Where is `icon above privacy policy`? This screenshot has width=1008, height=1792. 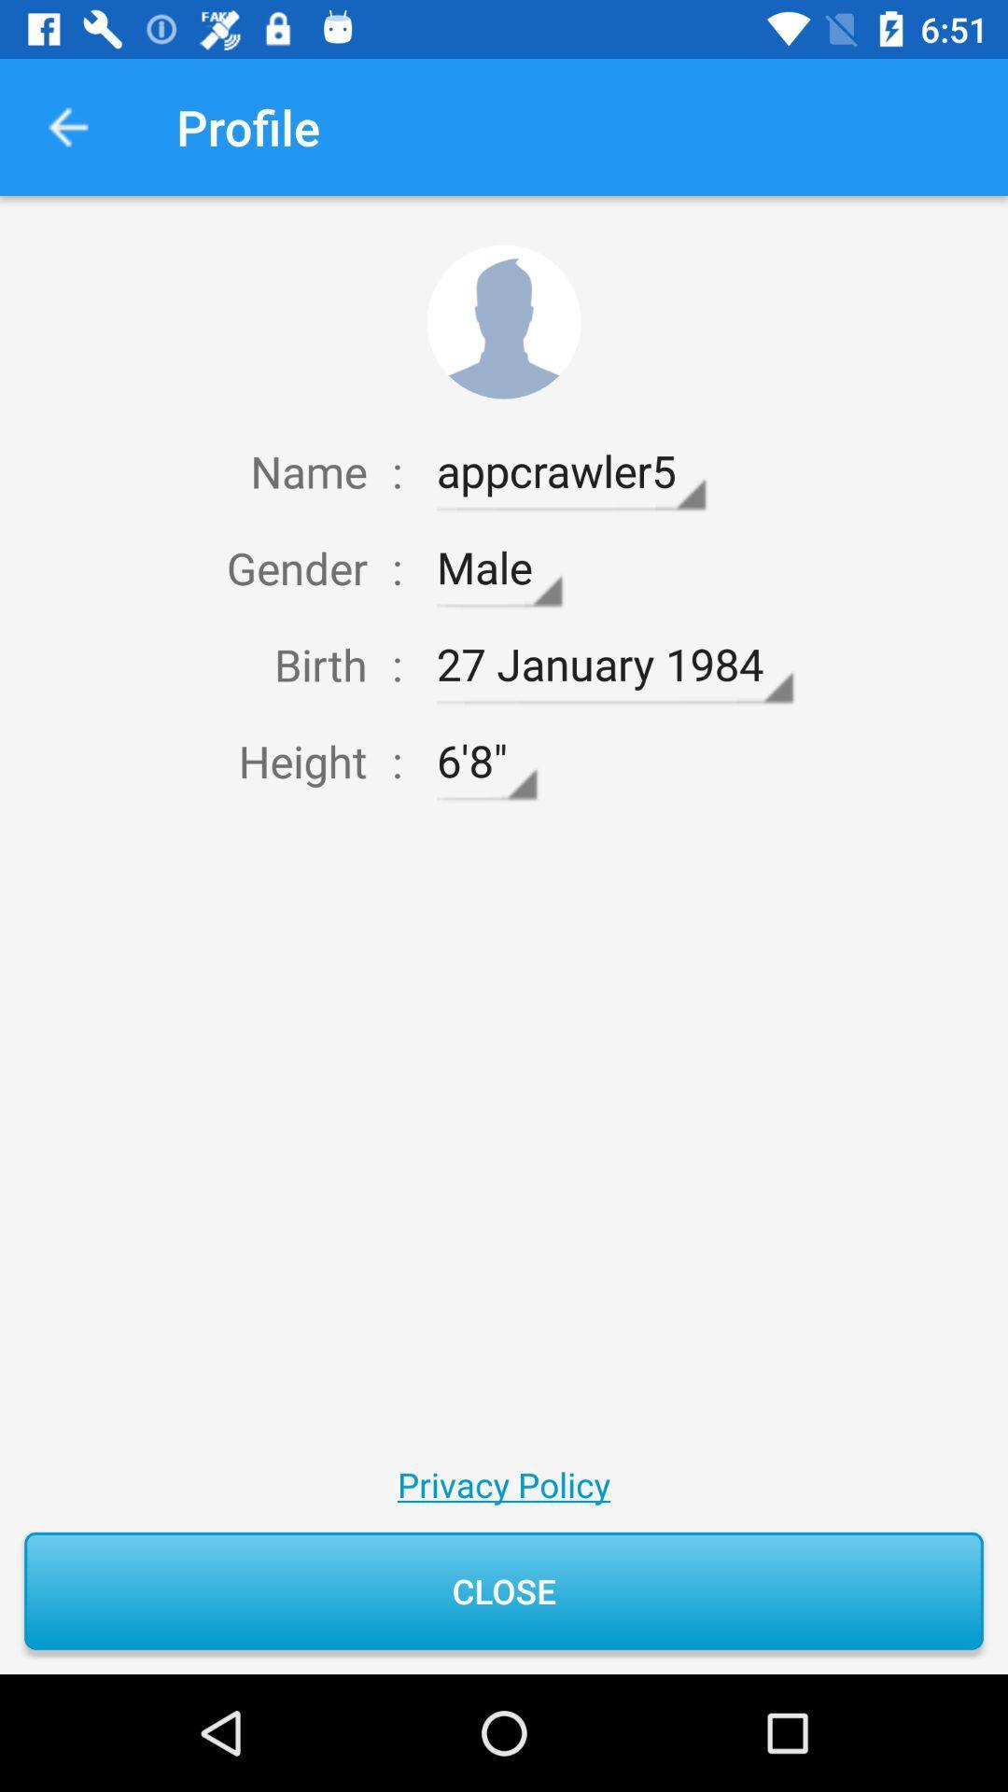 icon above privacy policy is located at coordinates (485, 762).